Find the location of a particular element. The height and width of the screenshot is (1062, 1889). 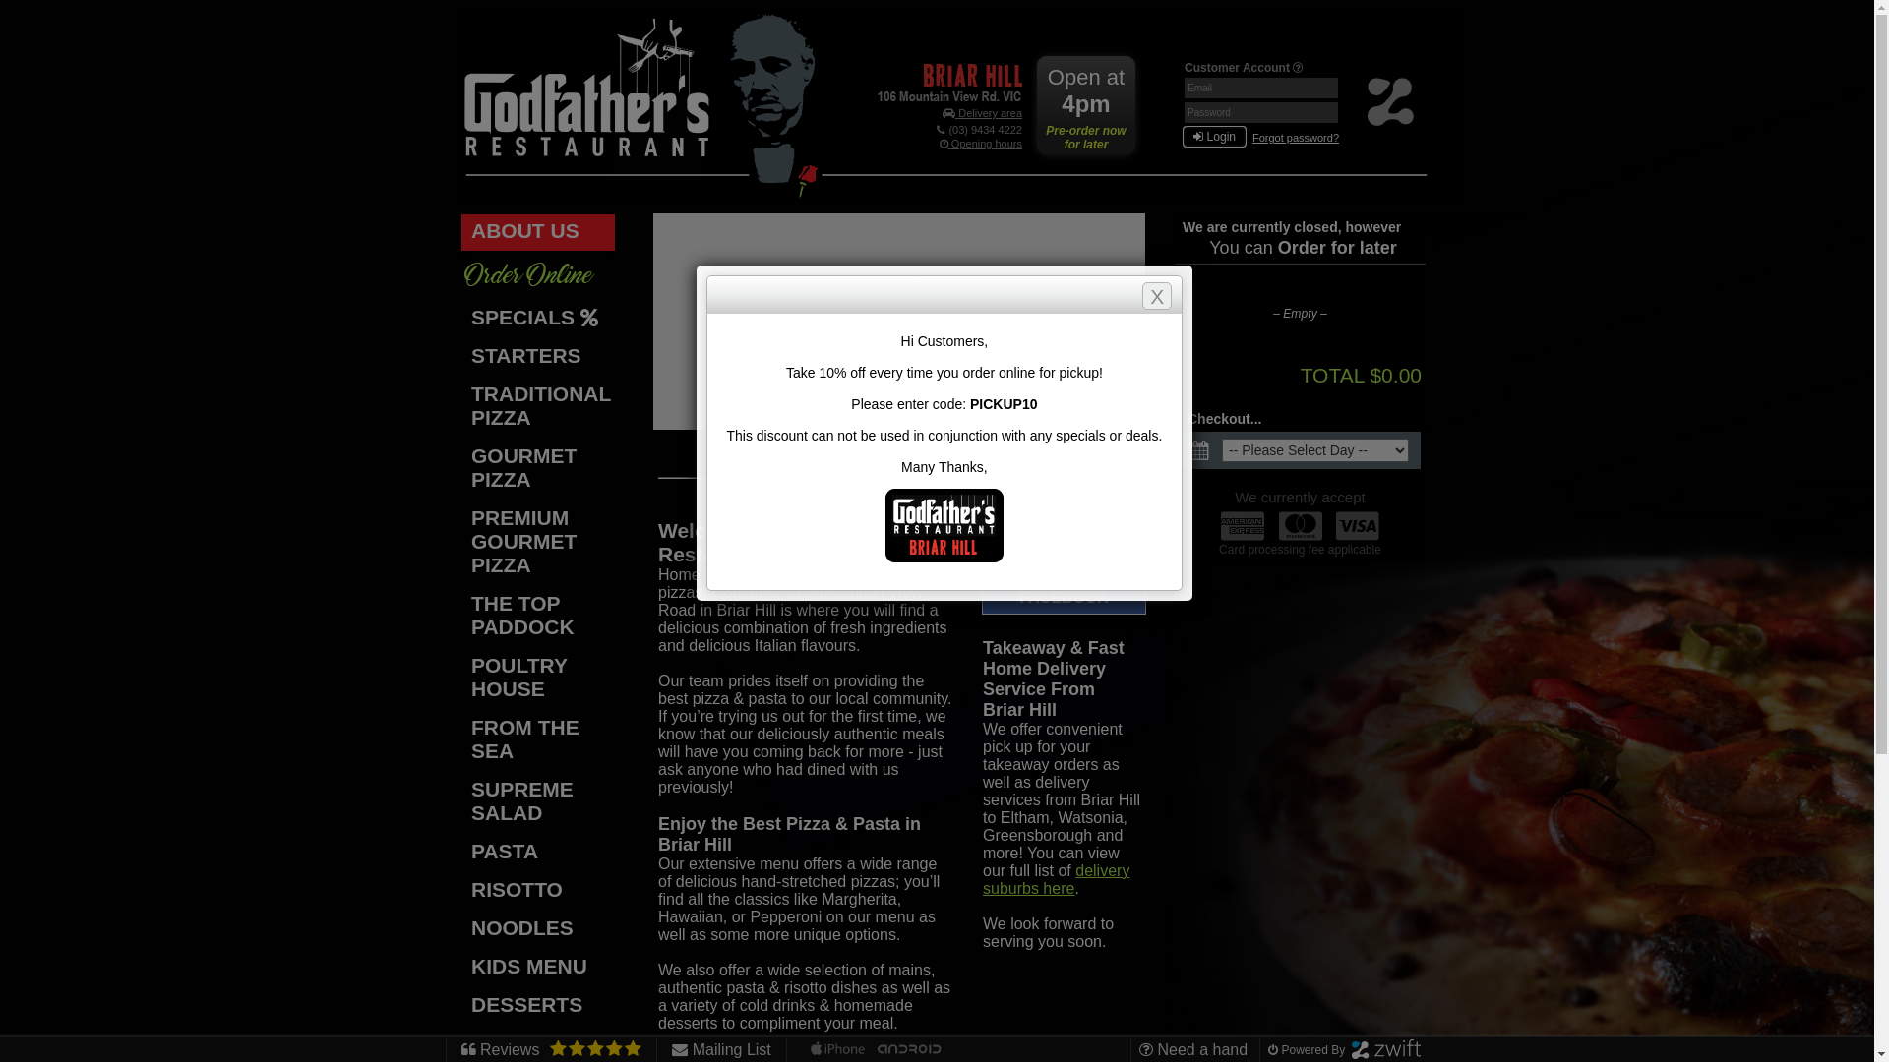

'Delivery area' is located at coordinates (982, 113).